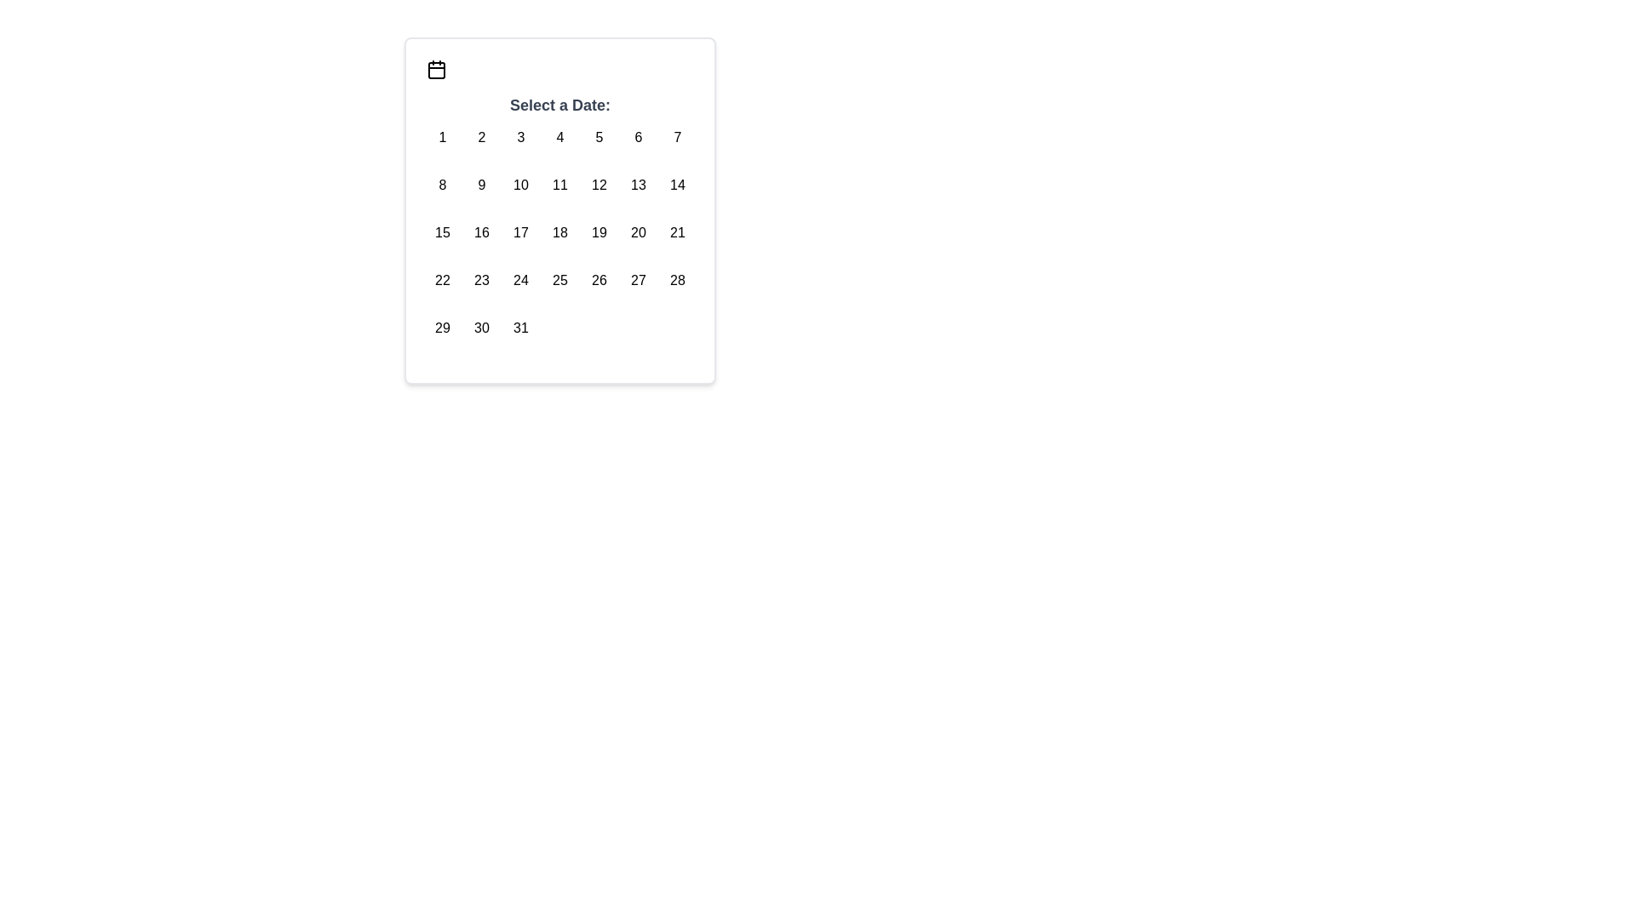  What do you see at coordinates (559, 232) in the screenshot?
I see `the rounded rectangular button displaying the number '18' in black, which is located in the calendar grid layout` at bounding box center [559, 232].